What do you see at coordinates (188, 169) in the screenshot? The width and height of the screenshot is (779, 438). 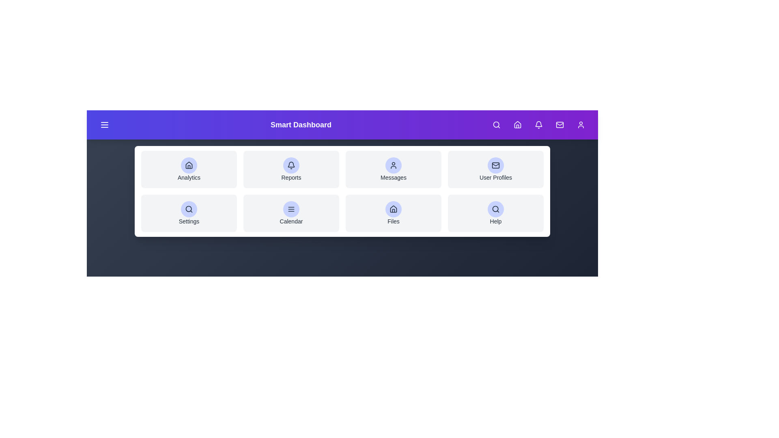 I see `the grid item labeled Analytics` at bounding box center [188, 169].